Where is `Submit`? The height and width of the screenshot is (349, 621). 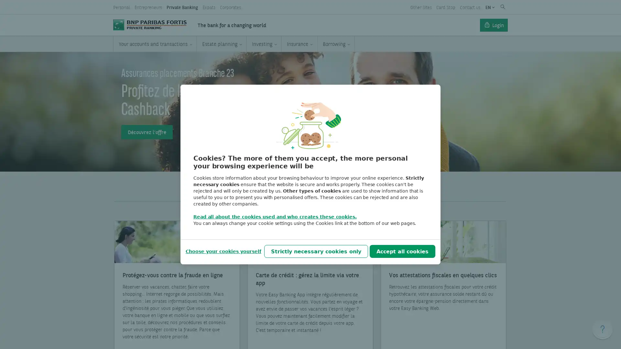
Submit is located at coordinates (503, 7).